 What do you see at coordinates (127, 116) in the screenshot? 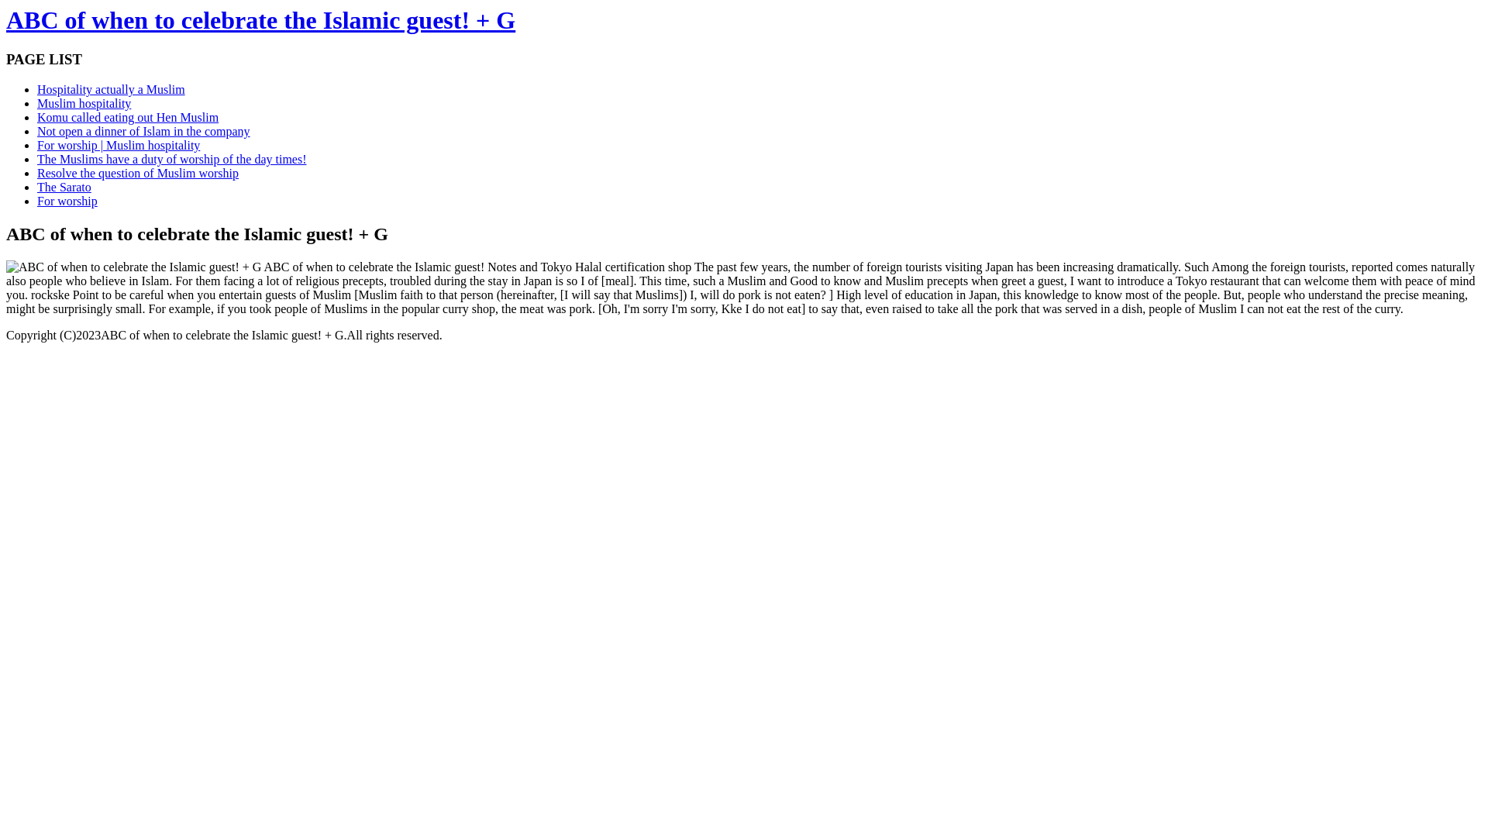
I see `'Komu called eating out Hen Muslim'` at bounding box center [127, 116].